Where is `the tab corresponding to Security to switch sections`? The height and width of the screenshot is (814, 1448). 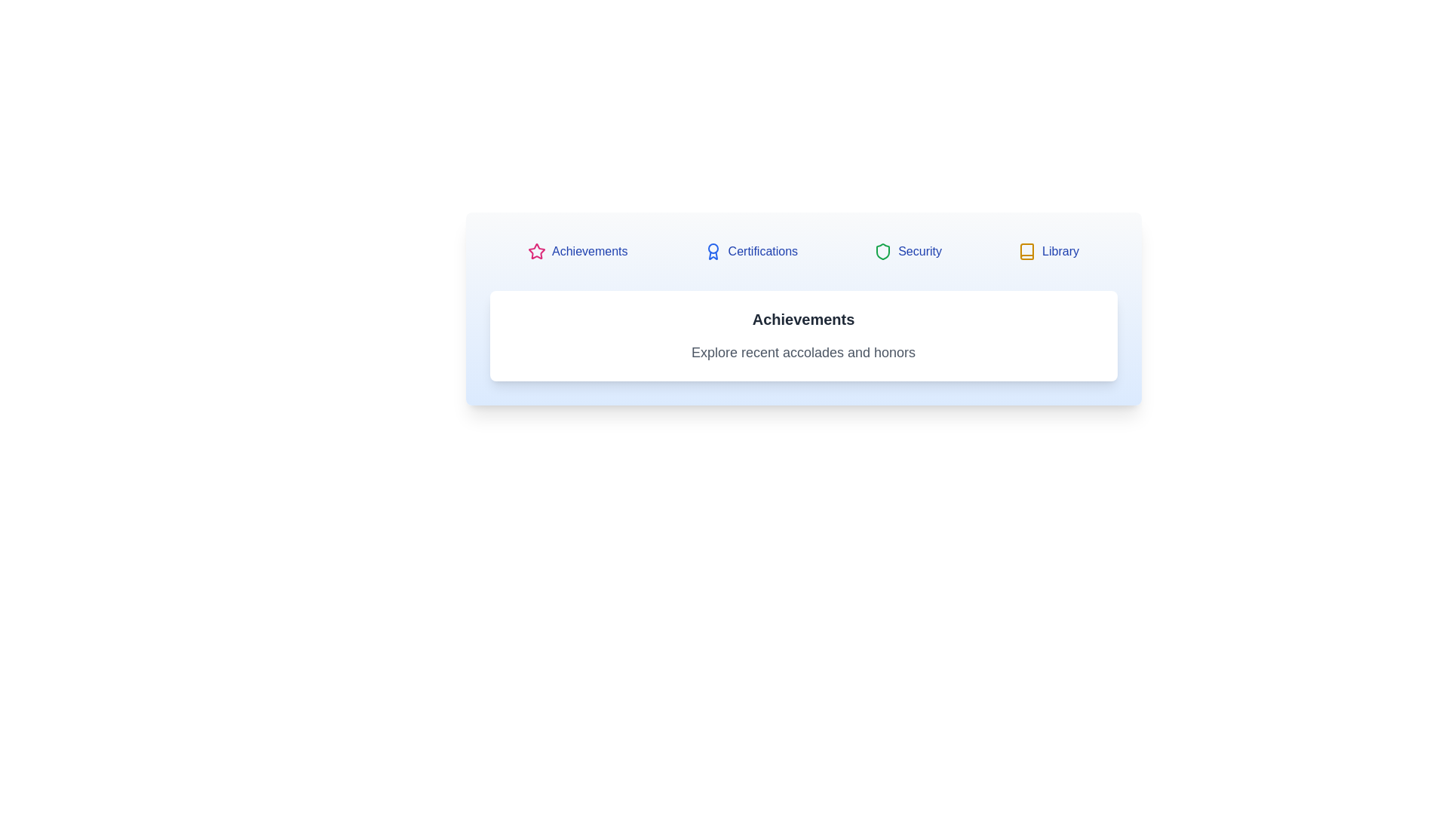 the tab corresponding to Security to switch sections is located at coordinates (907, 251).